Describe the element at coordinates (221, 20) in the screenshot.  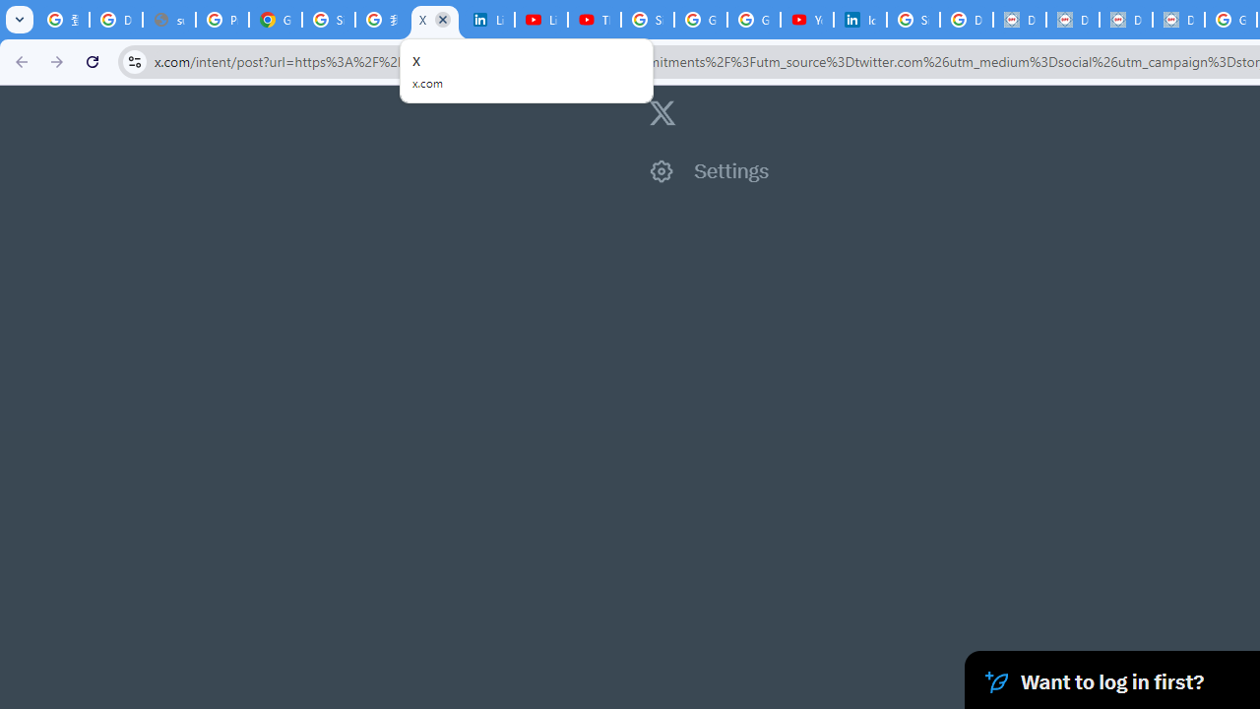
I see `'Privacy Help Center - Policies Help'` at that location.